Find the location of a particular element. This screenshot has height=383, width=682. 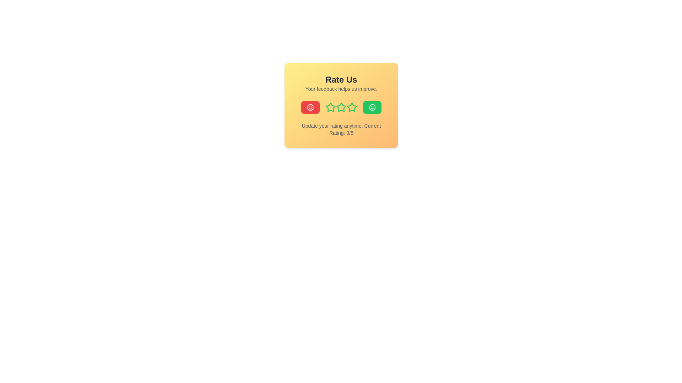

the positive feedback button located to the far right of the group of elements, adjacent to the grid of rating stars, to observe its hover effect is located at coordinates (372, 107).